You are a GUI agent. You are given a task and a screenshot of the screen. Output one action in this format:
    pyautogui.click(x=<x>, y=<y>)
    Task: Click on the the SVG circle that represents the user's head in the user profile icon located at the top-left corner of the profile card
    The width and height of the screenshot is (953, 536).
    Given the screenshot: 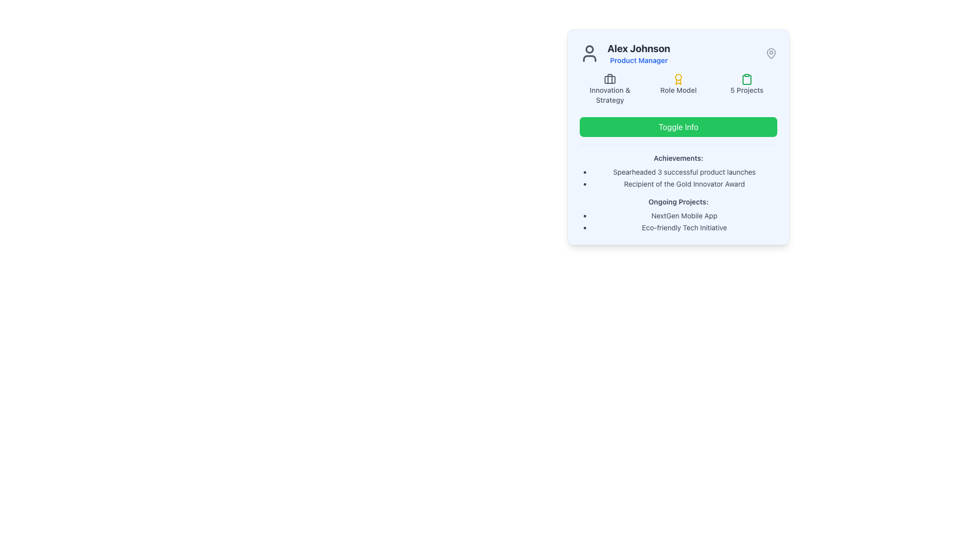 What is the action you would take?
    pyautogui.click(x=590, y=49)
    